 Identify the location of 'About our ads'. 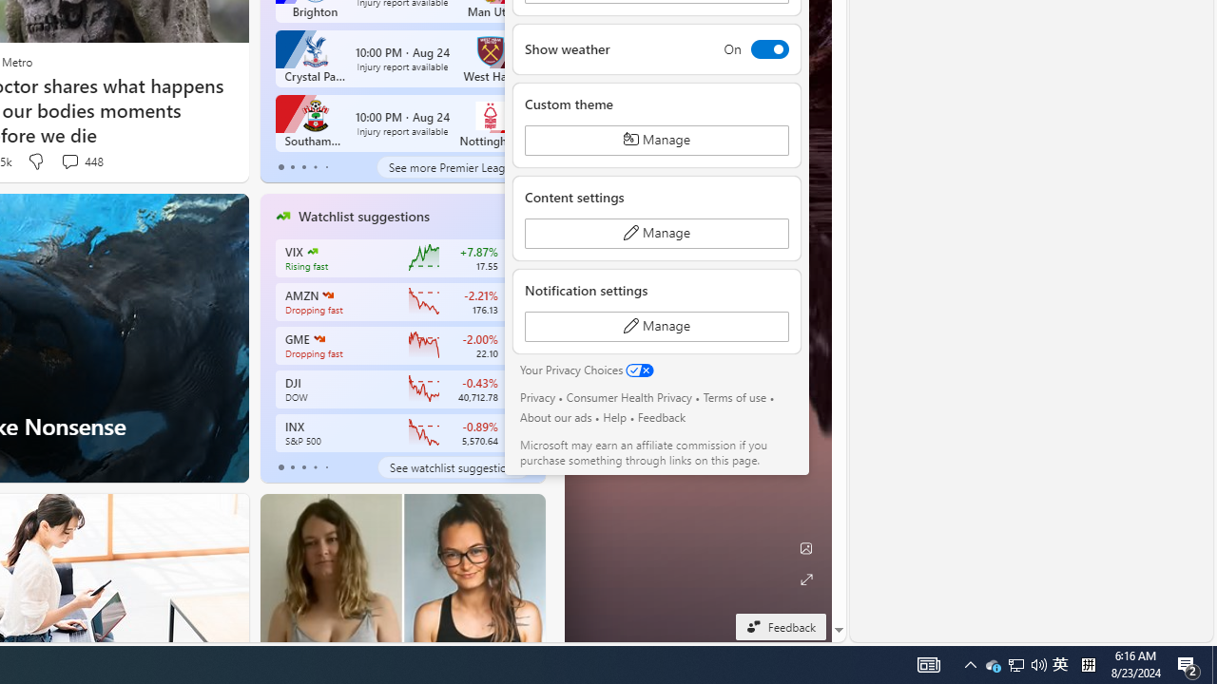
(554, 416).